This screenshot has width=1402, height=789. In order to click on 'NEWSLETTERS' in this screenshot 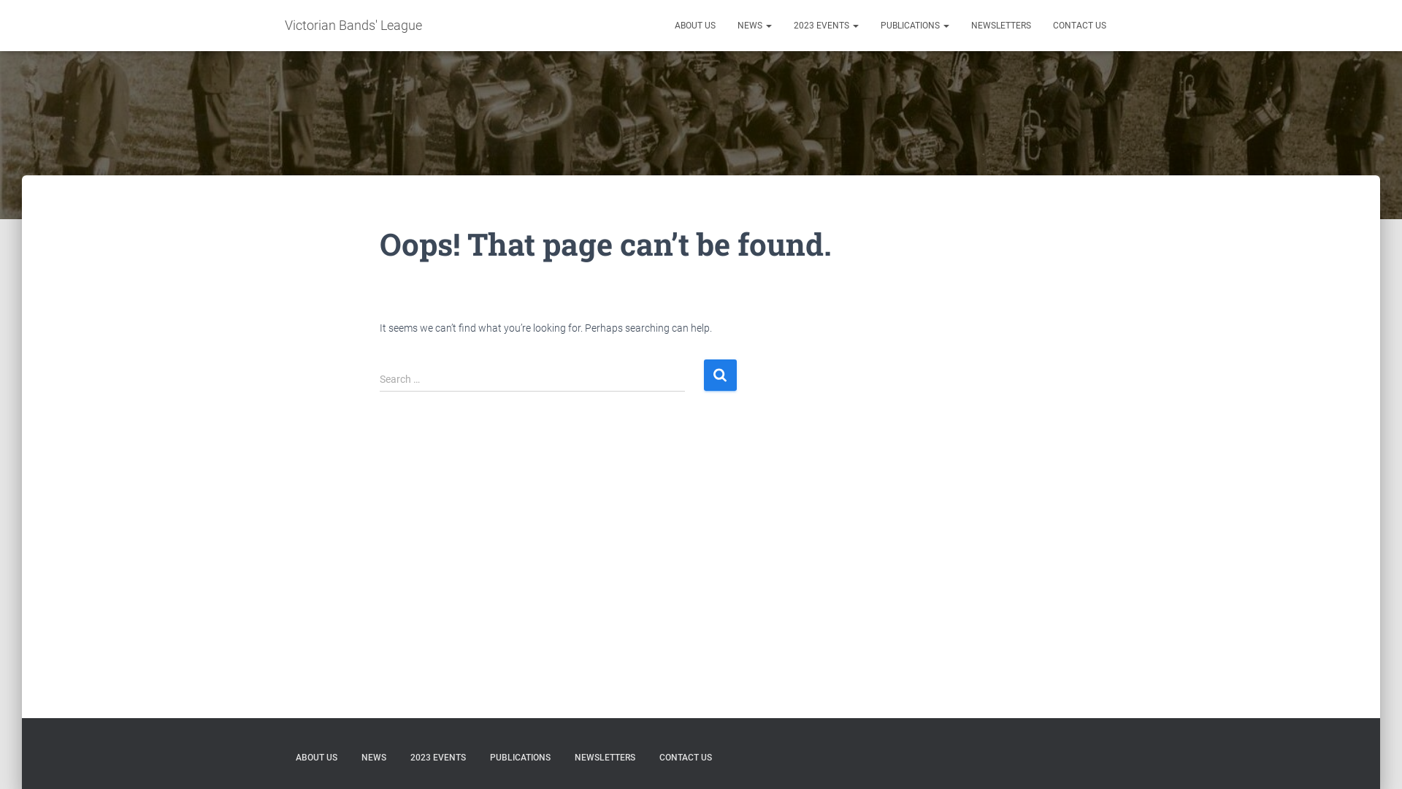, I will do `click(605, 757)`.